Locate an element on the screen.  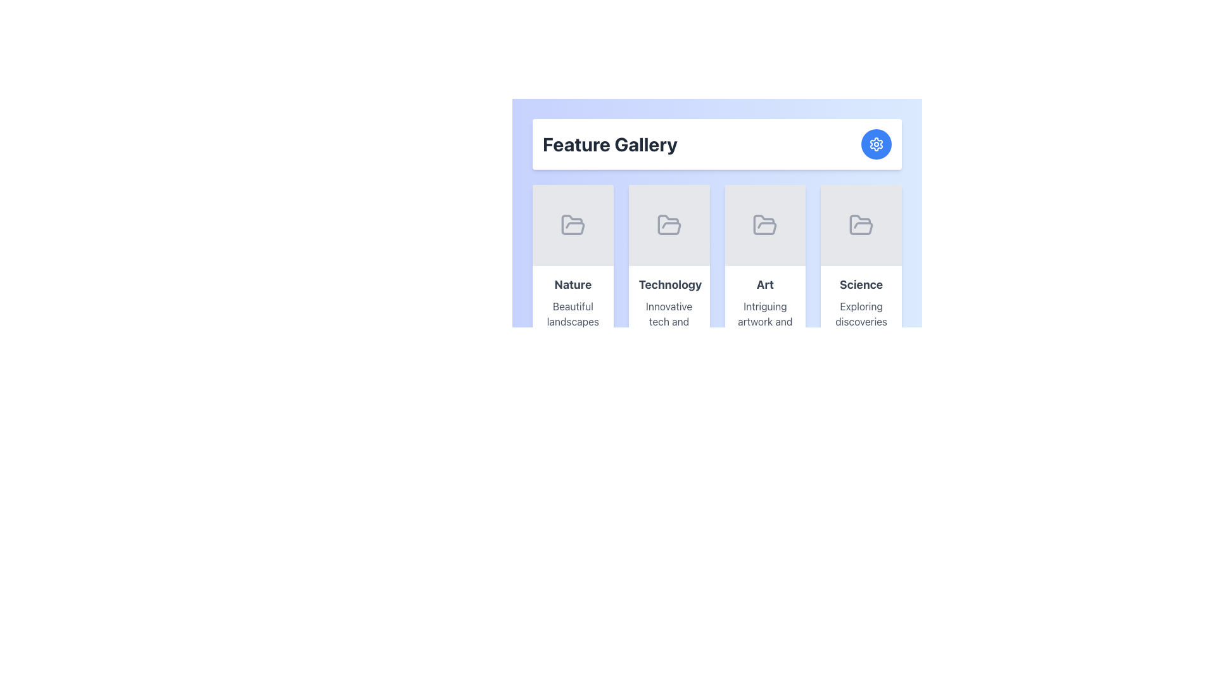
the 'Nature' card element, which is the first section in a horizontal layout, featuring a folder icon, bold title 'Nature', and supporting text 'Beautiful landscapes' is located at coordinates (572, 295).